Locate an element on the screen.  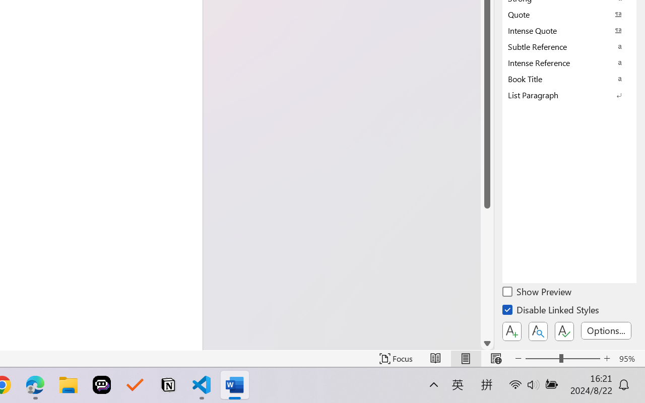
'Subtle Reference' is located at coordinates (569, 46).